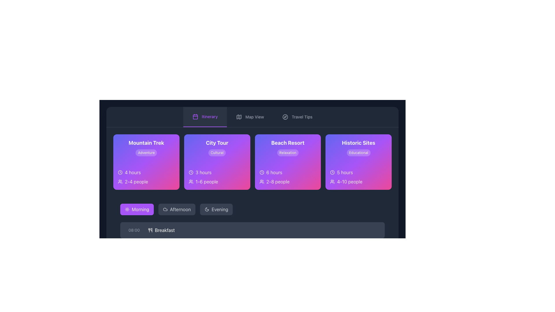 The image size is (555, 312). Describe the element at coordinates (297, 117) in the screenshot. I see `the 'Travel Tips' button in the navigation bar` at that location.